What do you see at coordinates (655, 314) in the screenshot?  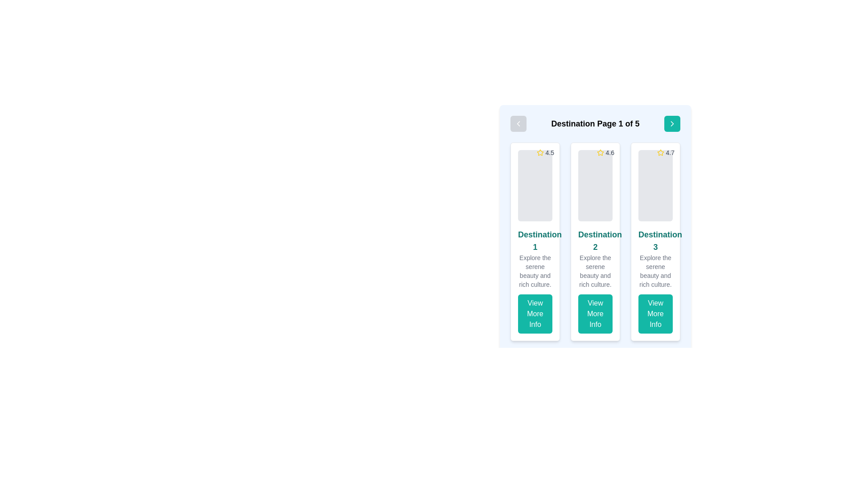 I see `the button located at the bottom of the card labeled 'Destination 3'` at bounding box center [655, 314].